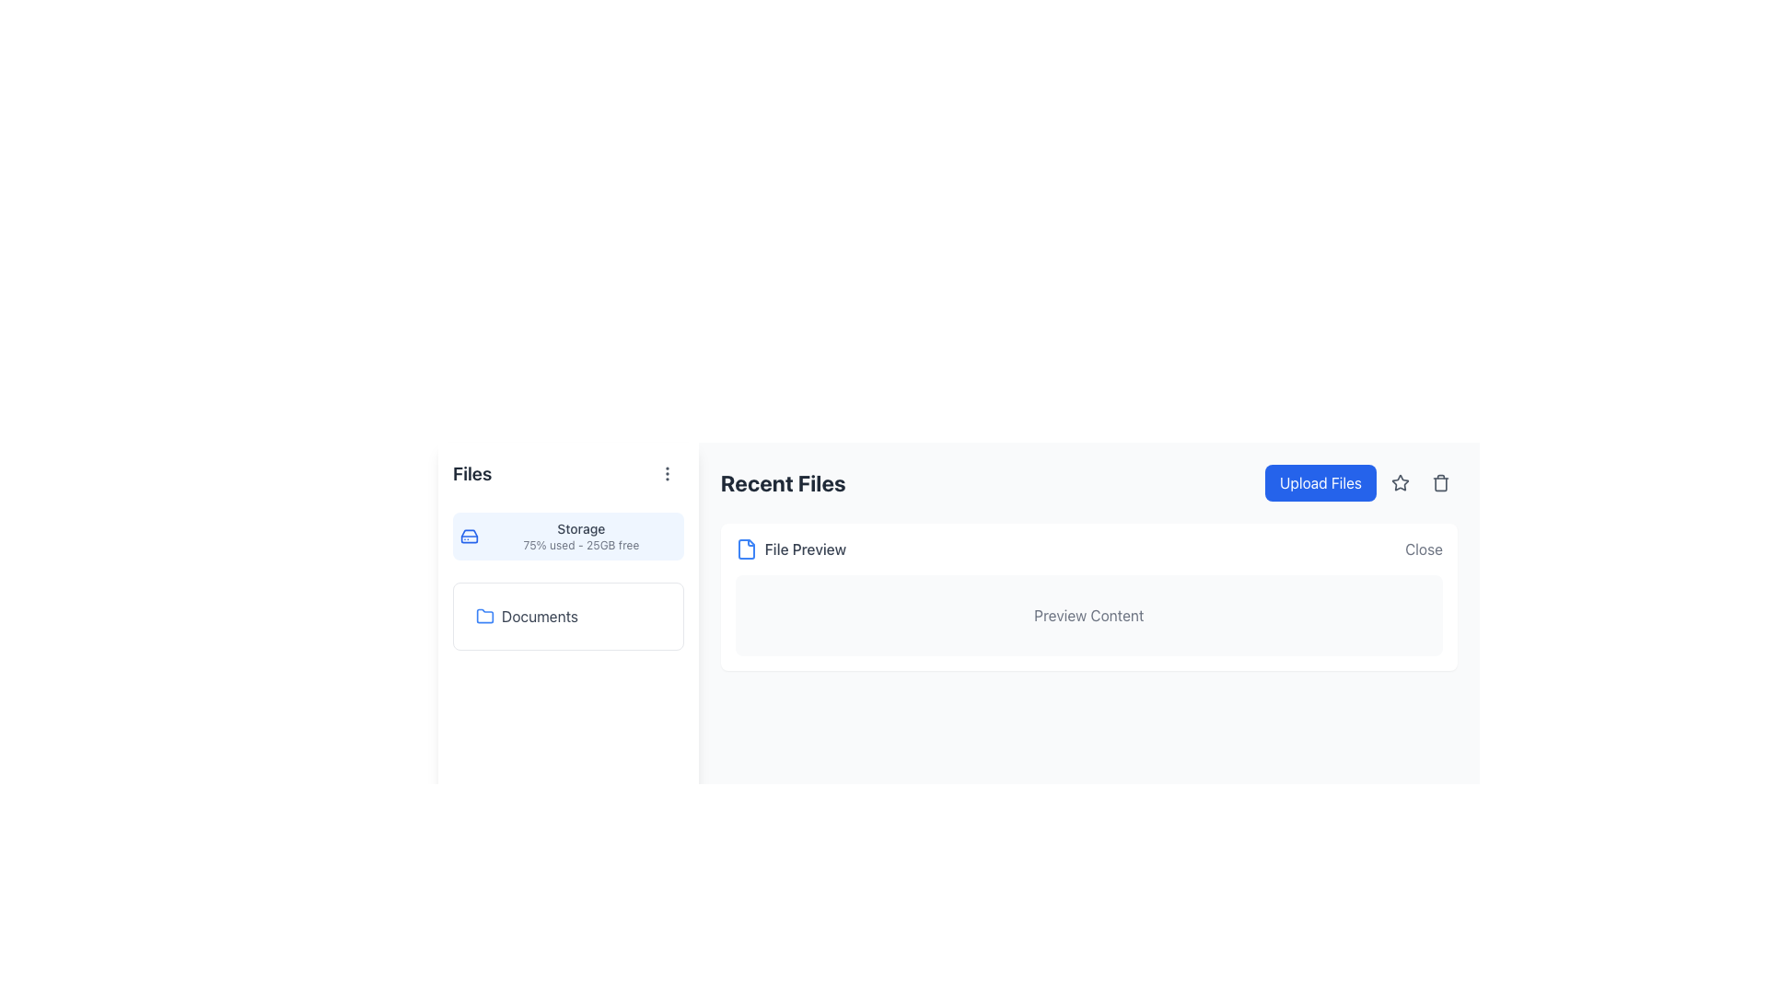 Image resolution: width=1768 pixels, height=994 pixels. What do you see at coordinates (1361, 481) in the screenshot?
I see `the file upload button located in the top-right section of the 'Recent Files' header area` at bounding box center [1361, 481].